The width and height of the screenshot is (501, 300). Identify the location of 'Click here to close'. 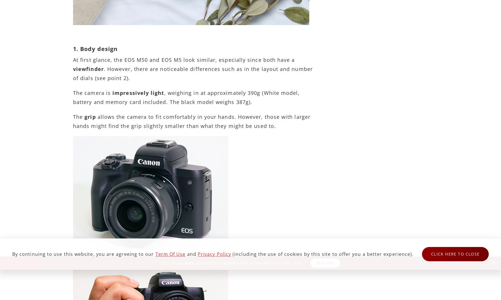
(455, 254).